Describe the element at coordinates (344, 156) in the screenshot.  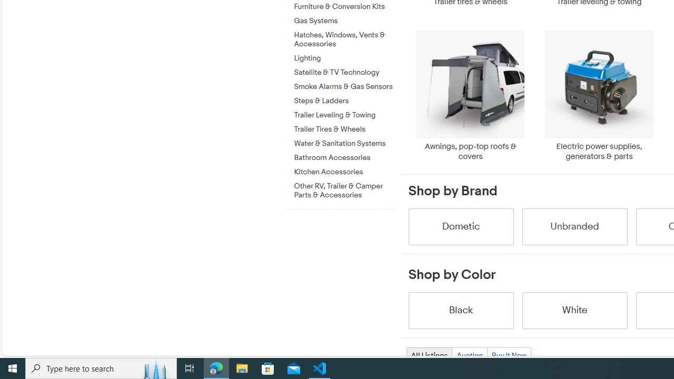
I see `'Bathroom Accessories'` at that location.